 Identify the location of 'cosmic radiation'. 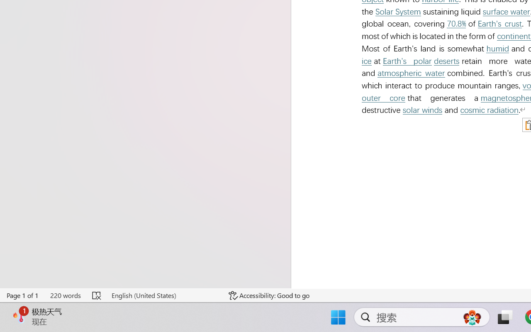
(490, 110).